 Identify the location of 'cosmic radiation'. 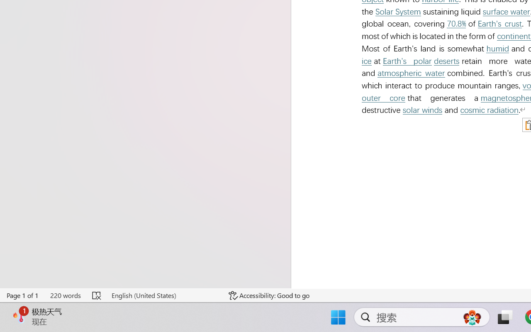
(490, 110).